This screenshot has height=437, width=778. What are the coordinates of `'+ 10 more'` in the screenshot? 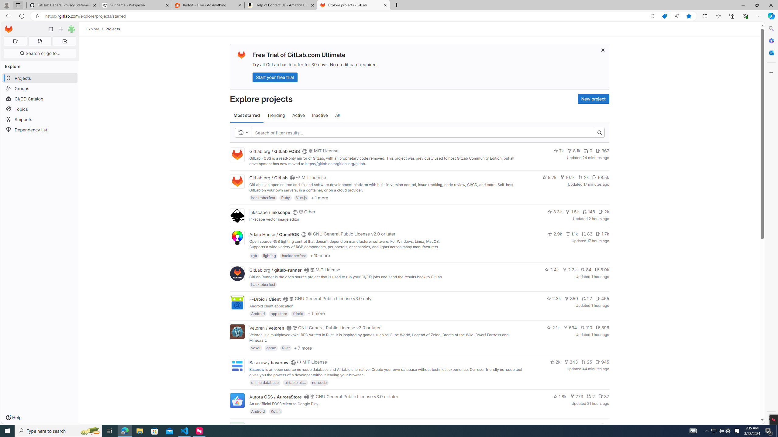 It's located at (320, 255).